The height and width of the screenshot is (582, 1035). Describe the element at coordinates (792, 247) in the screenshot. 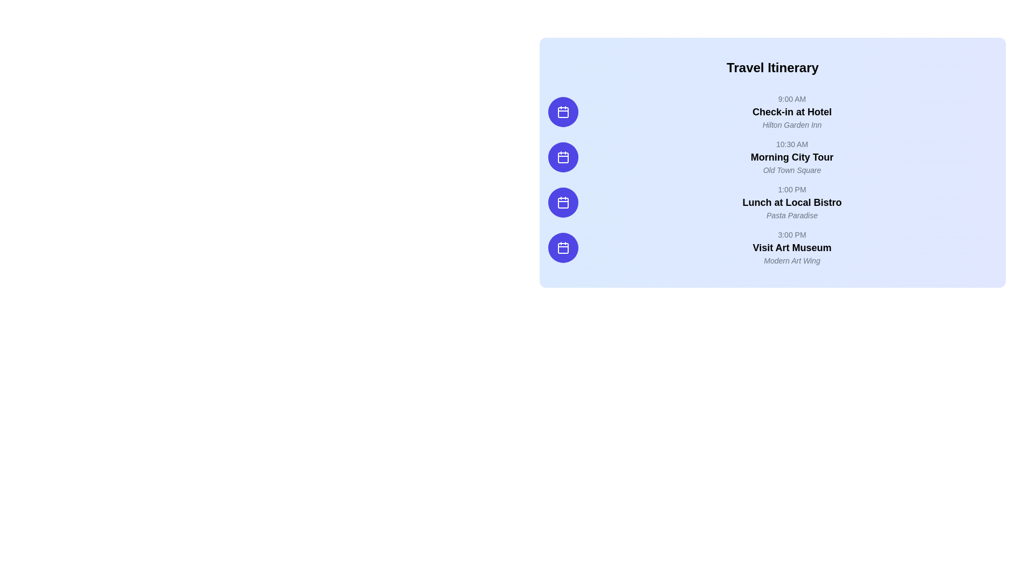

I see `the text label displaying 'Visit Art Museum', which is bold and larger than surrounding texts, located centrally below '3:00 PM' and above 'Modern Art Wing'` at that location.